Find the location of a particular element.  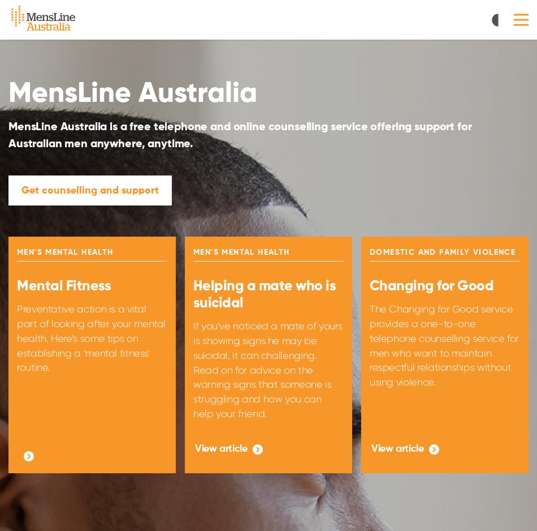

'If you’ve noticed a mate of yours is showing signs he may be suicidal, it can challenging. Read on for advice on the warning signs that someone is struggling and how you can help your friend.' is located at coordinates (267, 369).